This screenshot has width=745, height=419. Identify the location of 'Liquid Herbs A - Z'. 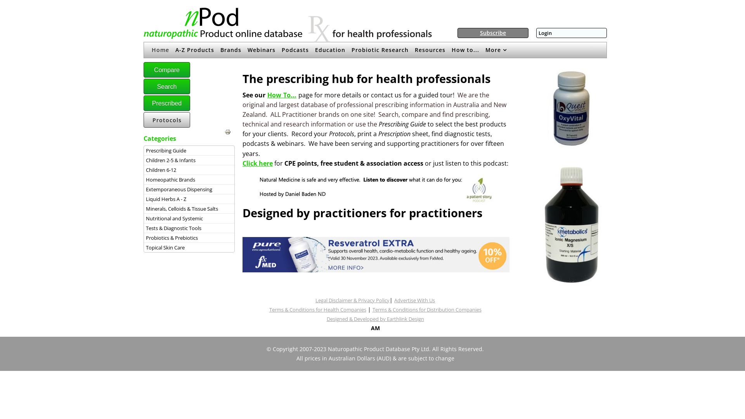
(146, 199).